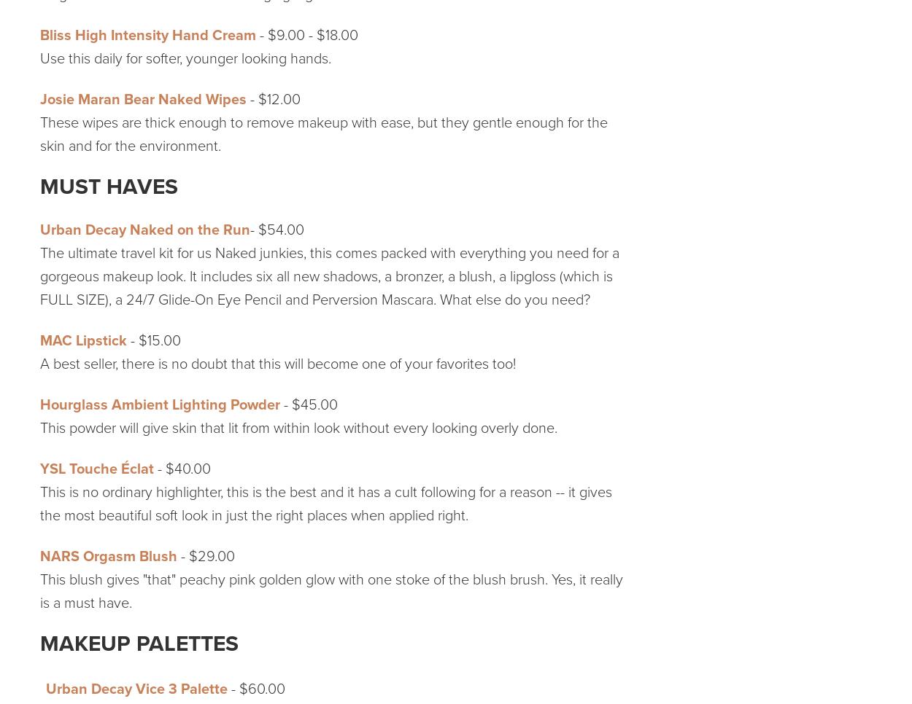 The image size is (912, 704). Describe the element at coordinates (147, 35) in the screenshot. I see `'Bliss High Intensity Hand Cream'` at that location.